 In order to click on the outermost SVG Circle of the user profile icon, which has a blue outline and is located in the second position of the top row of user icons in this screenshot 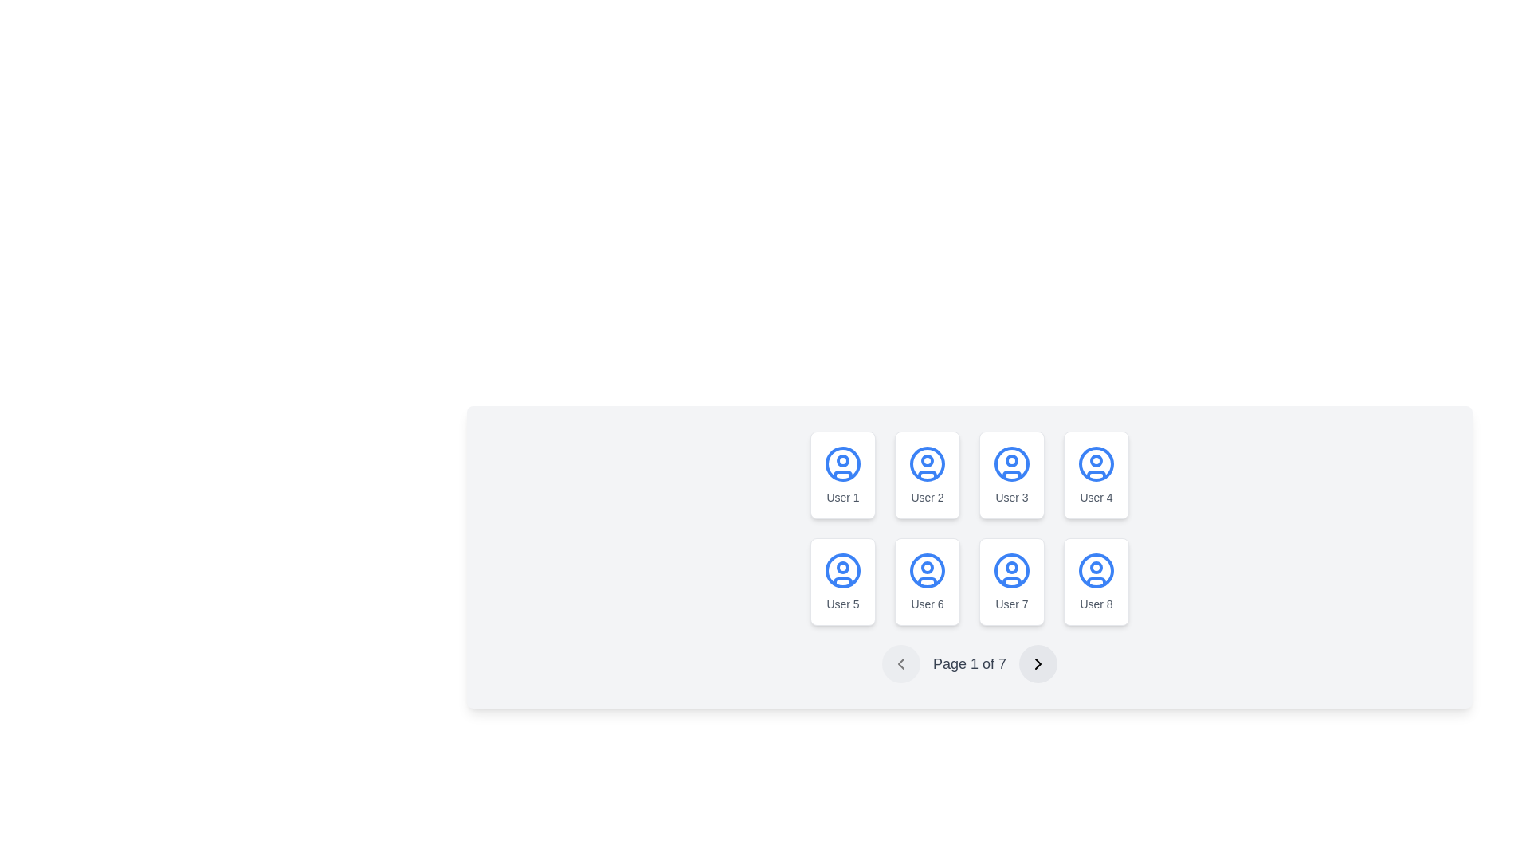, I will do `click(927, 463)`.